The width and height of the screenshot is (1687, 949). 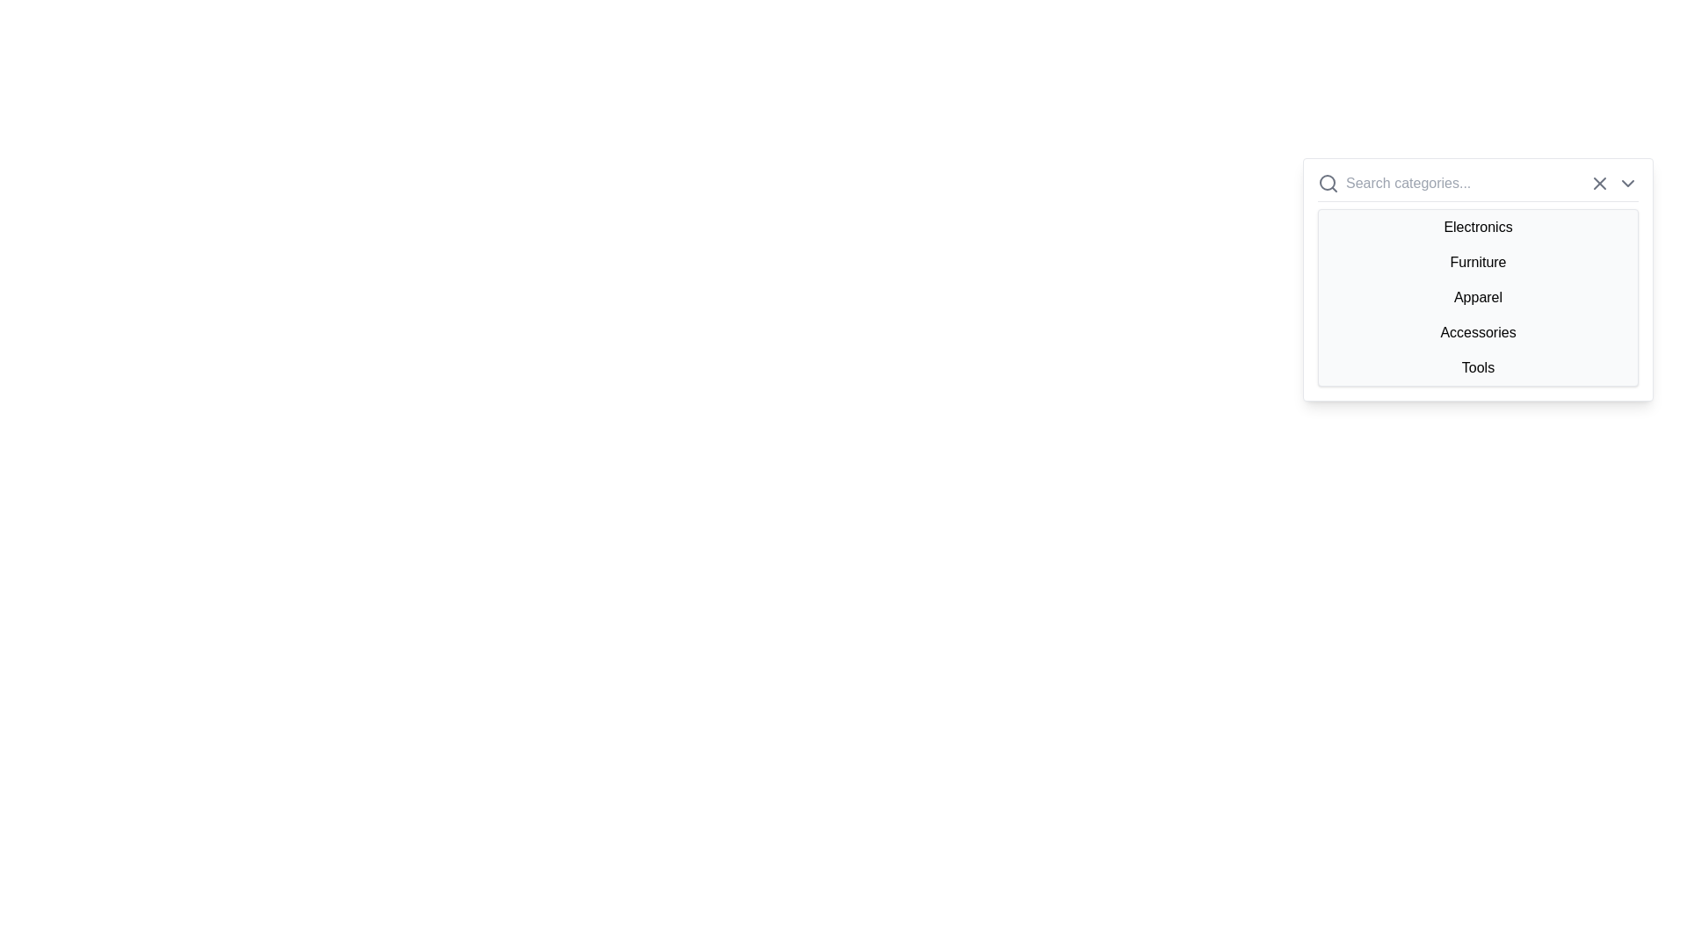 I want to click on the 'Tools' category option, so click(x=1477, y=367).